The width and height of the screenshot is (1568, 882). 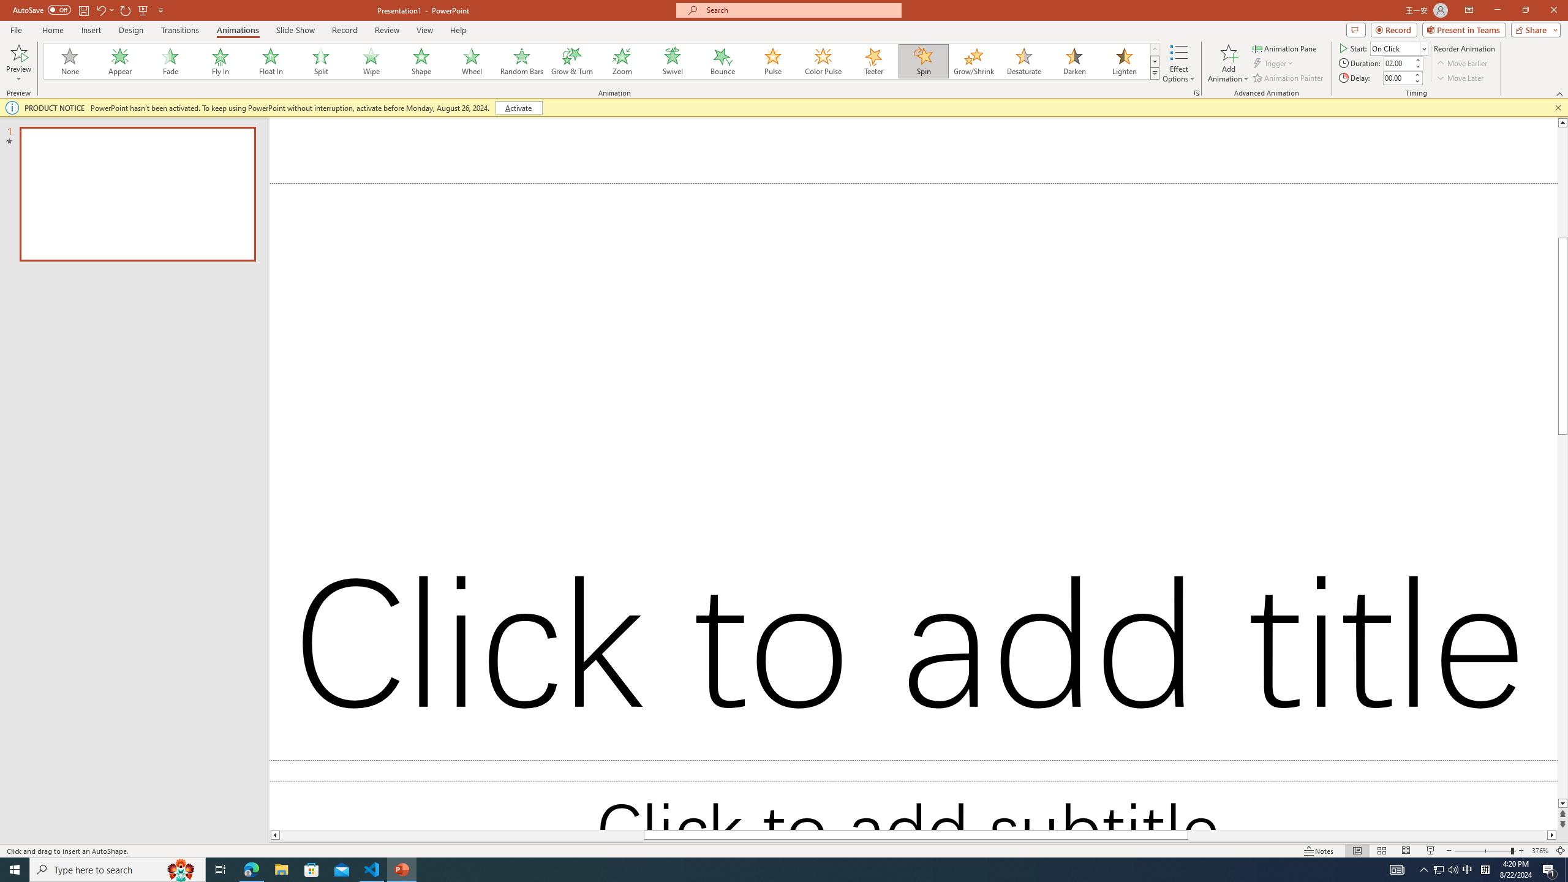 What do you see at coordinates (1273, 63) in the screenshot?
I see `'Trigger'` at bounding box center [1273, 63].